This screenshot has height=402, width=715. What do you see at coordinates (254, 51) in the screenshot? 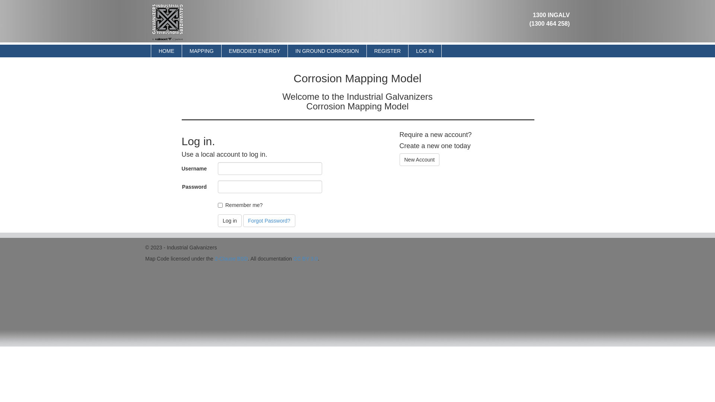
I see `'EMBODIED ENERGY'` at bounding box center [254, 51].